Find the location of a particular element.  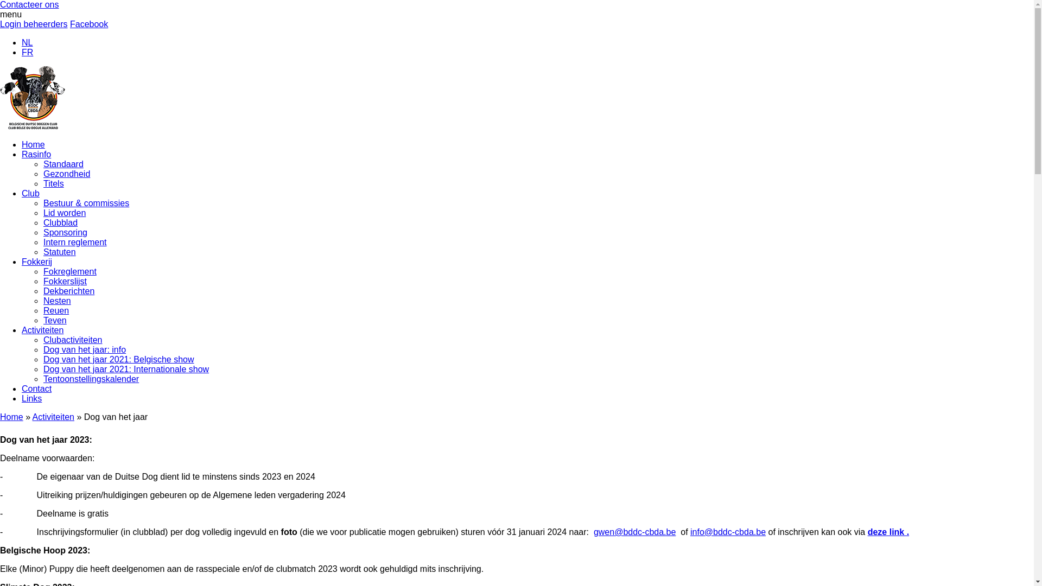

'Login beheerders' is located at coordinates (0, 24).